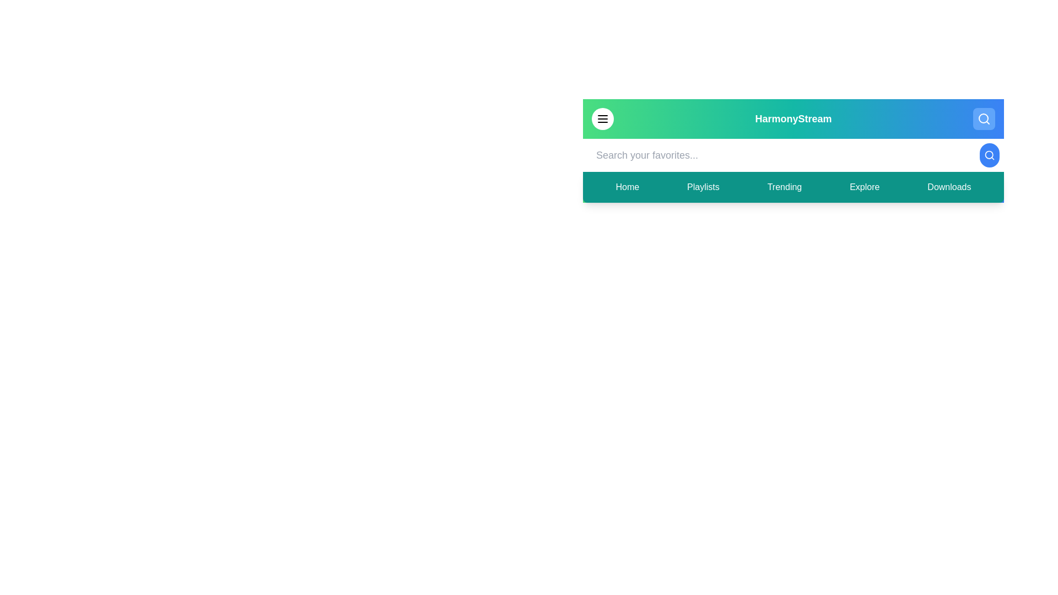 This screenshot has height=595, width=1058. I want to click on the navigation item labeled 'Playlists' to view its hover effect, so click(703, 186).